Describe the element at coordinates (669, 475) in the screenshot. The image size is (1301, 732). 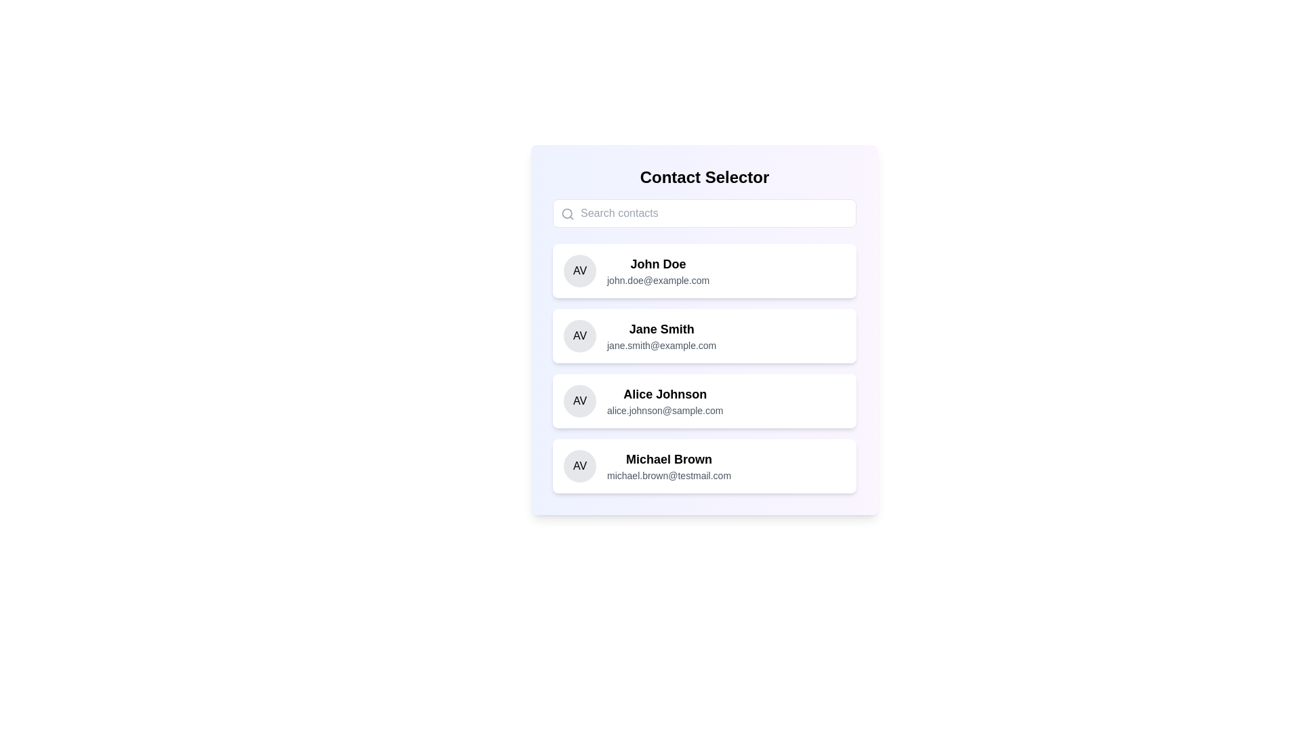
I see `the email text label 'michael.brown@testmail.com' located below the name 'Michael Brown' in the fourth contact card of the list` at that location.